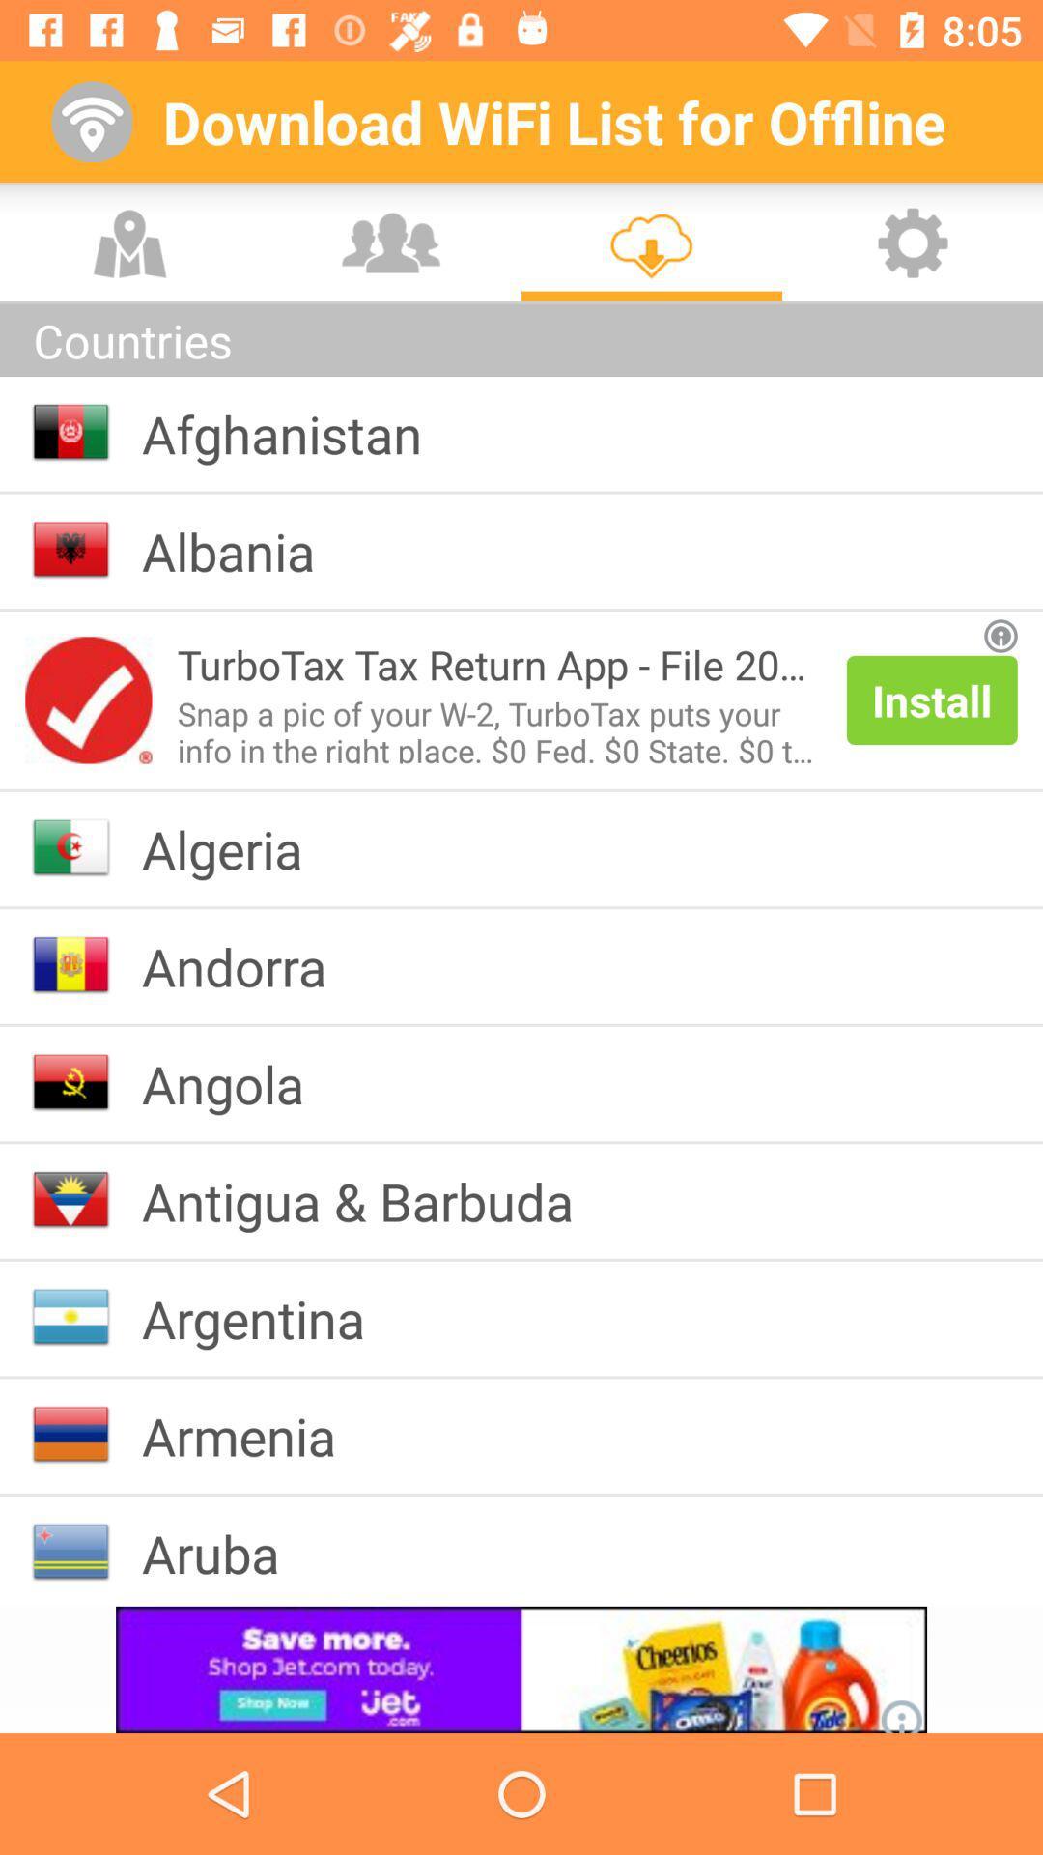  I want to click on item below turbotax tax return, so click(498, 727).